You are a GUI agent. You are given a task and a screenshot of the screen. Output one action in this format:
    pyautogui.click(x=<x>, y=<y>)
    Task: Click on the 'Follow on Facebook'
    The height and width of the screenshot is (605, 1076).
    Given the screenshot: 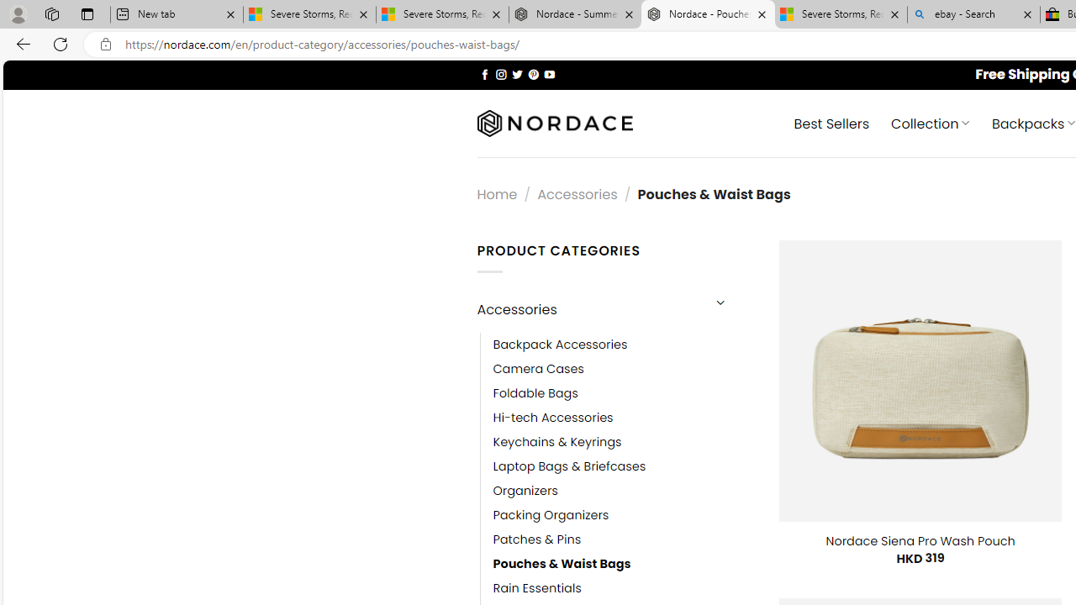 What is the action you would take?
    pyautogui.click(x=484, y=73)
    